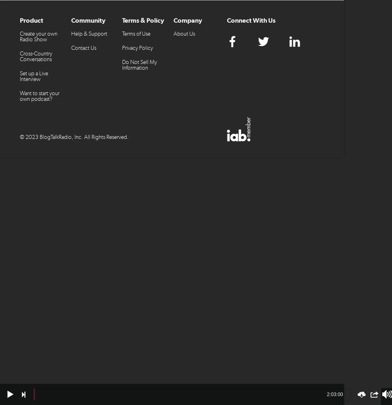 This screenshot has height=405, width=392. What do you see at coordinates (39, 96) in the screenshot?
I see `'Want to start your own podcast?'` at bounding box center [39, 96].